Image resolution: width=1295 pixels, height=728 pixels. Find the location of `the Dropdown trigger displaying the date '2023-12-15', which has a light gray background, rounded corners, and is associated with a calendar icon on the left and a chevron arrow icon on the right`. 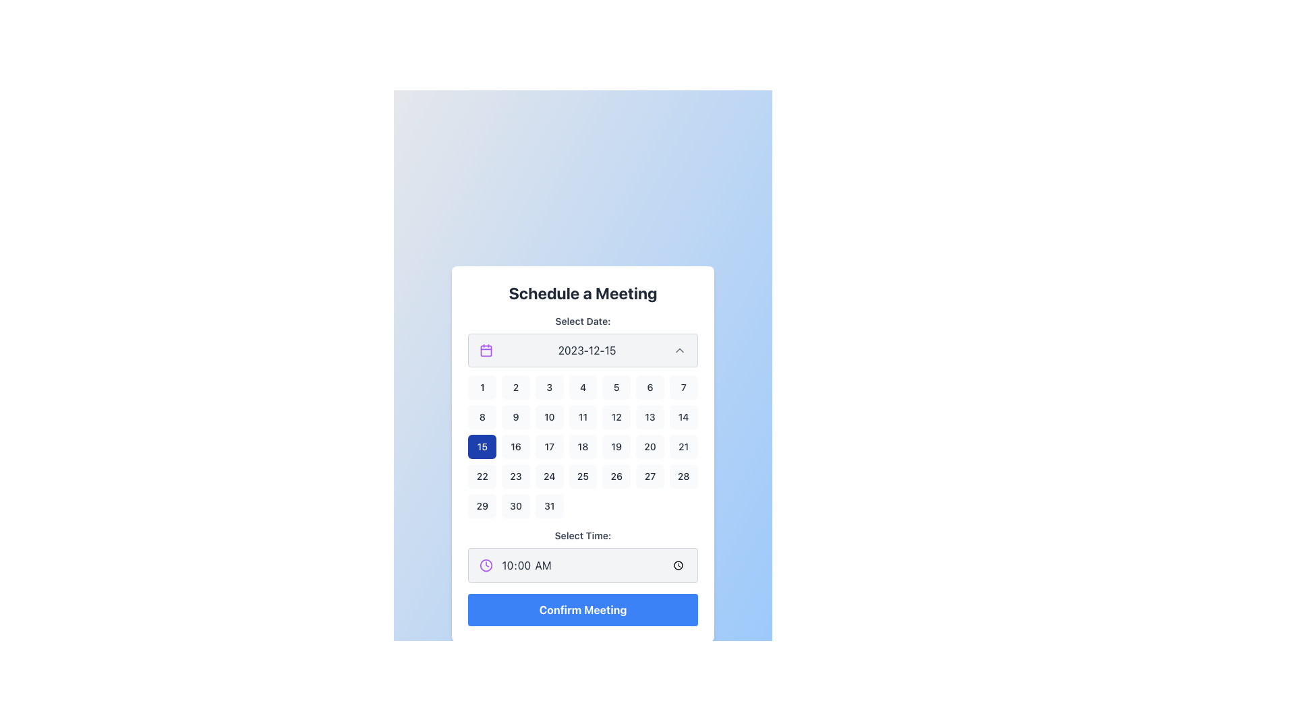

the Dropdown trigger displaying the date '2023-12-15', which has a light gray background, rounded corners, and is associated with a calendar icon on the left and a chevron arrow icon on the right is located at coordinates (583, 350).